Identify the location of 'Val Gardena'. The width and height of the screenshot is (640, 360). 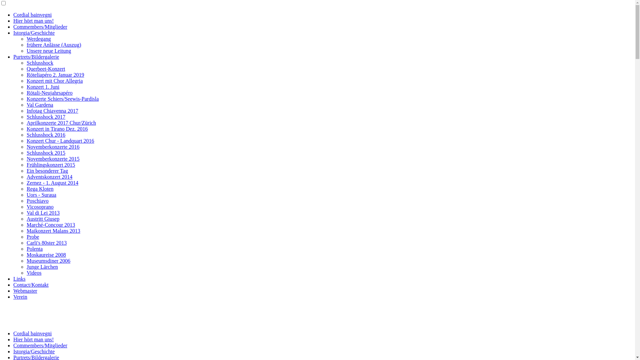
(27, 105).